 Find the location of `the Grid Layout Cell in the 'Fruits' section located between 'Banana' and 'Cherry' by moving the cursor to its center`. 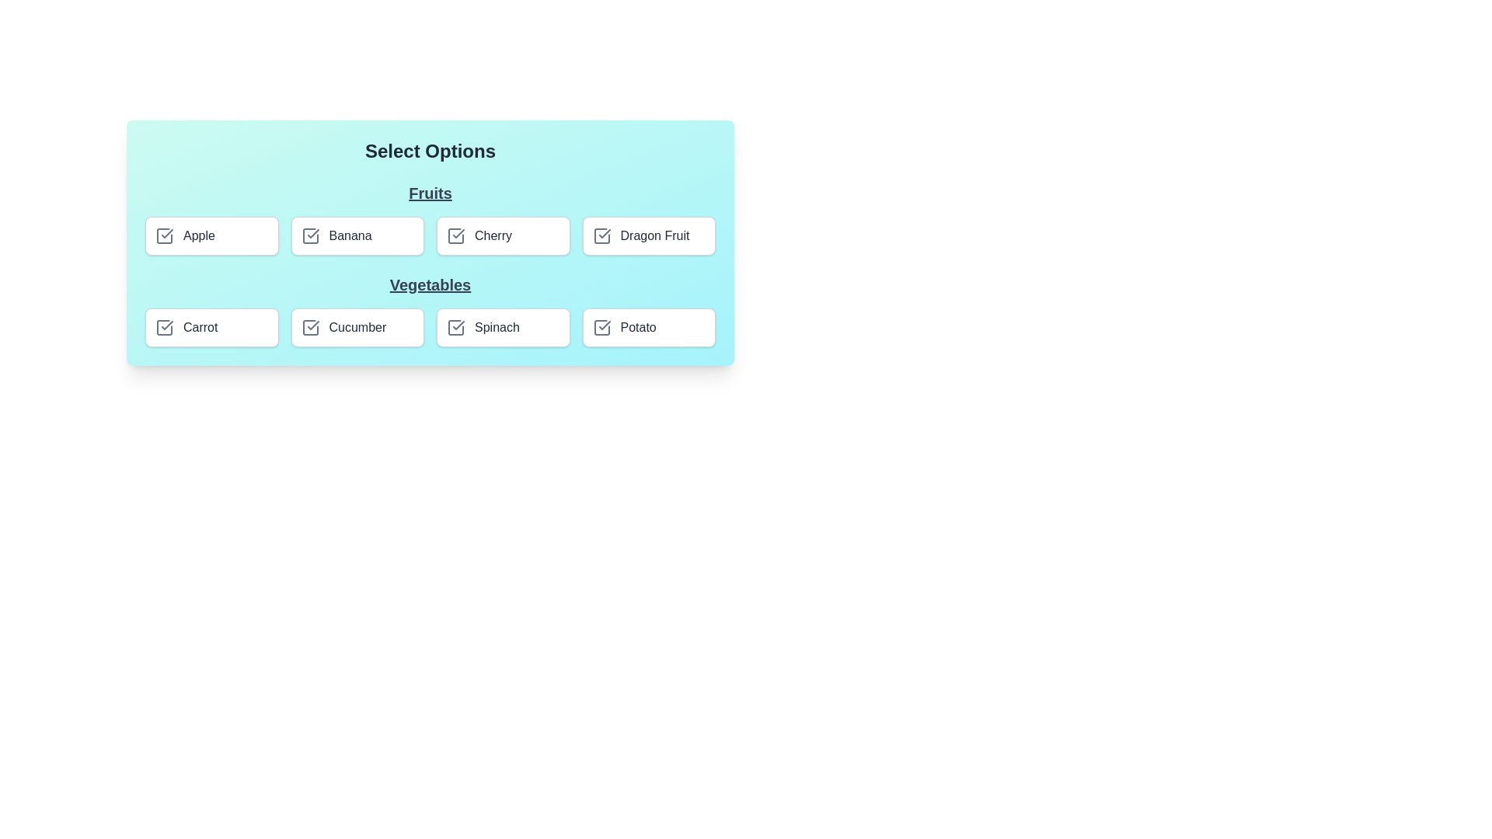

the Grid Layout Cell in the 'Fruits' section located between 'Banana' and 'Cherry' by moving the cursor to its center is located at coordinates (430, 236).